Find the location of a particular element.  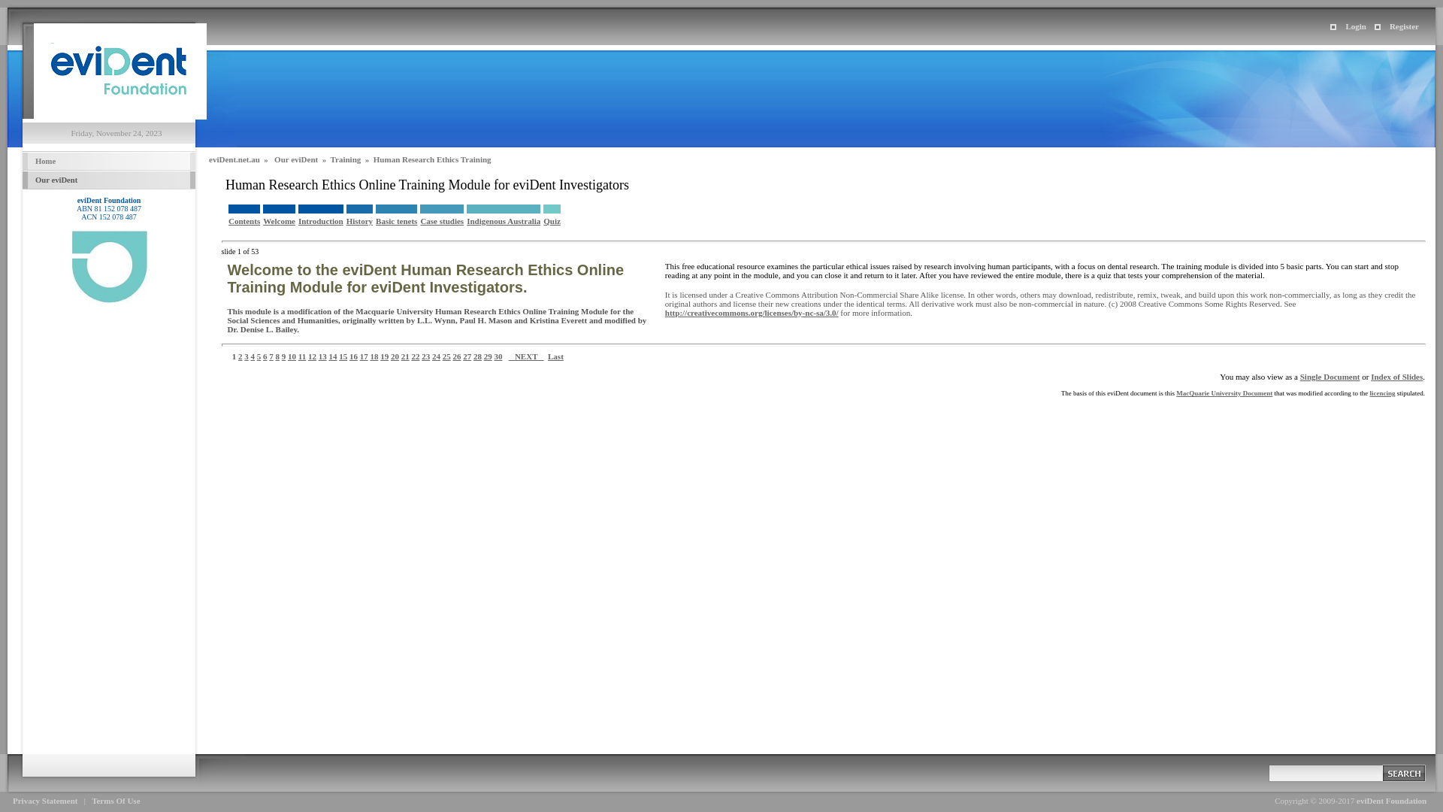

'25' is located at coordinates (446, 356).